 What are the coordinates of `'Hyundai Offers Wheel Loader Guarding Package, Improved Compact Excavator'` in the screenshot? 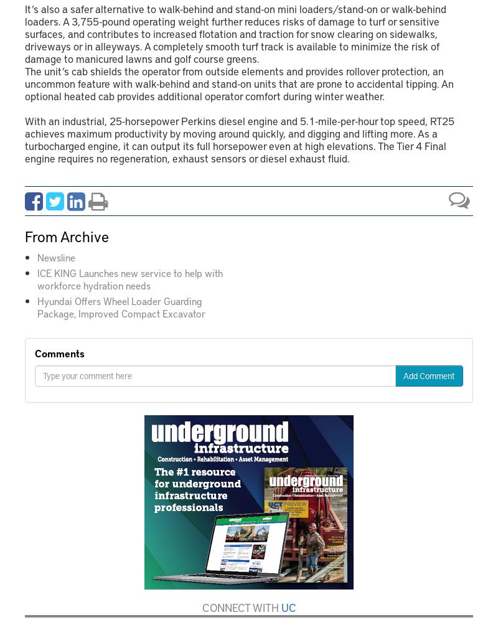 It's located at (37, 306).